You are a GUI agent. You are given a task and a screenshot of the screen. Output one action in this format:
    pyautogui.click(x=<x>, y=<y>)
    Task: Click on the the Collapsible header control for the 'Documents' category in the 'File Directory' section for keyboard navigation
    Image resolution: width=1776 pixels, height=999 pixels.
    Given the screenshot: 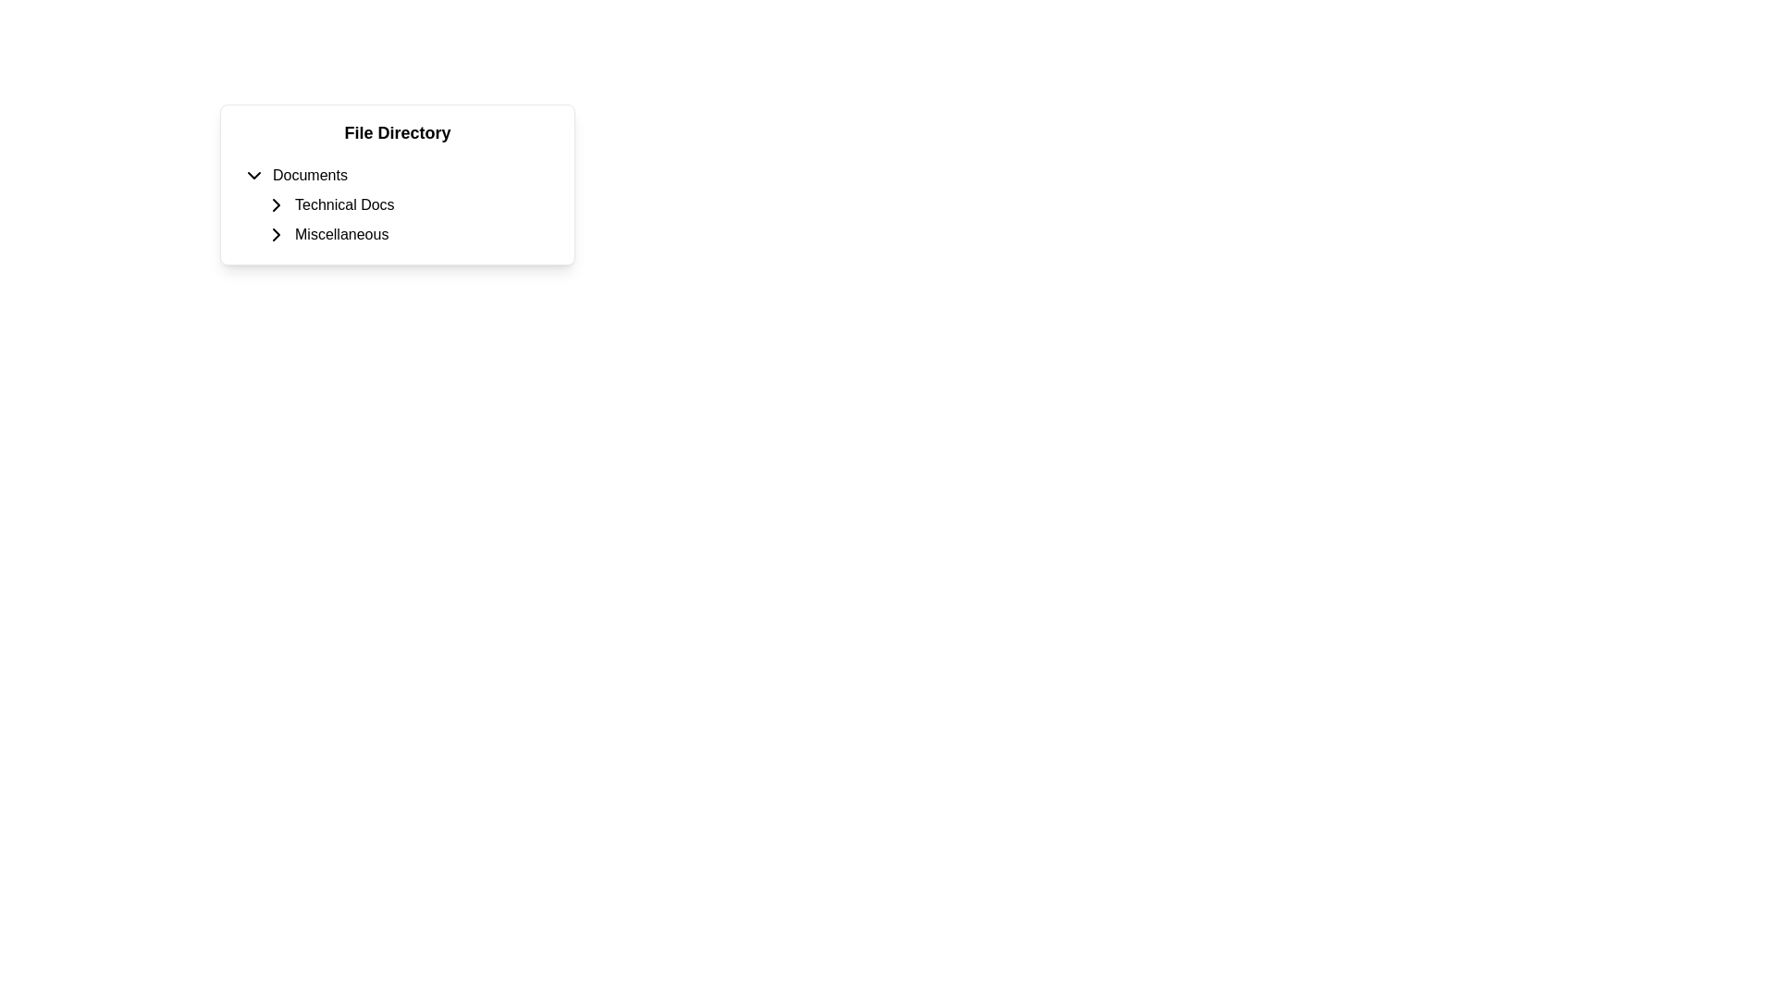 What is the action you would take?
    pyautogui.click(x=397, y=175)
    